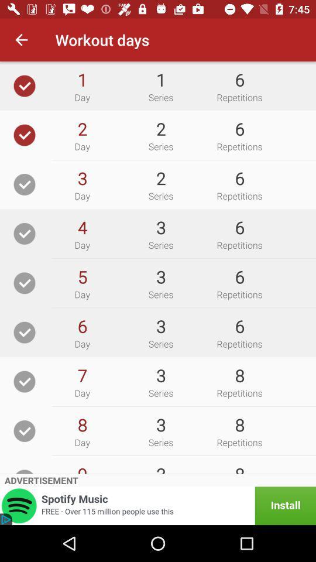 The height and width of the screenshot is (562, 316). What do you see at coordinates (21, 40) in the screenshot?
I see `icon next to workout days app` at bounding box center [21, 40].